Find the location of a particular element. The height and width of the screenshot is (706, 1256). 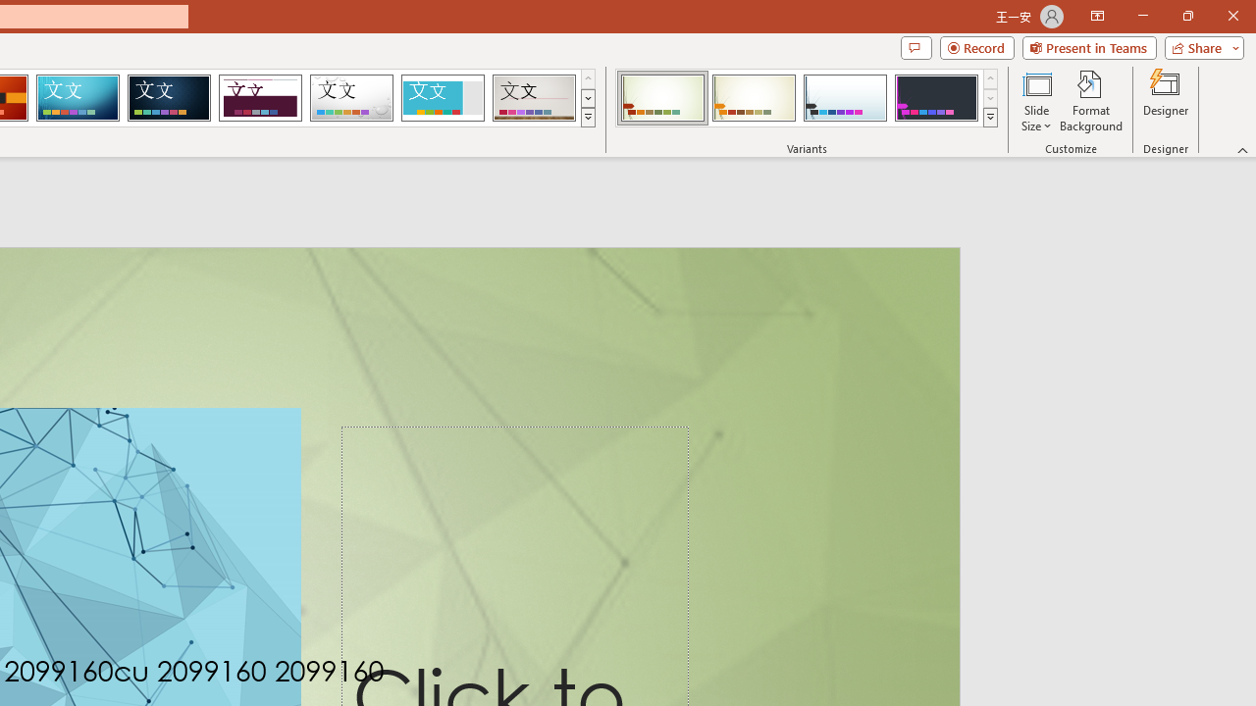

'Slide Size' is located at coordinates (1035, 101).